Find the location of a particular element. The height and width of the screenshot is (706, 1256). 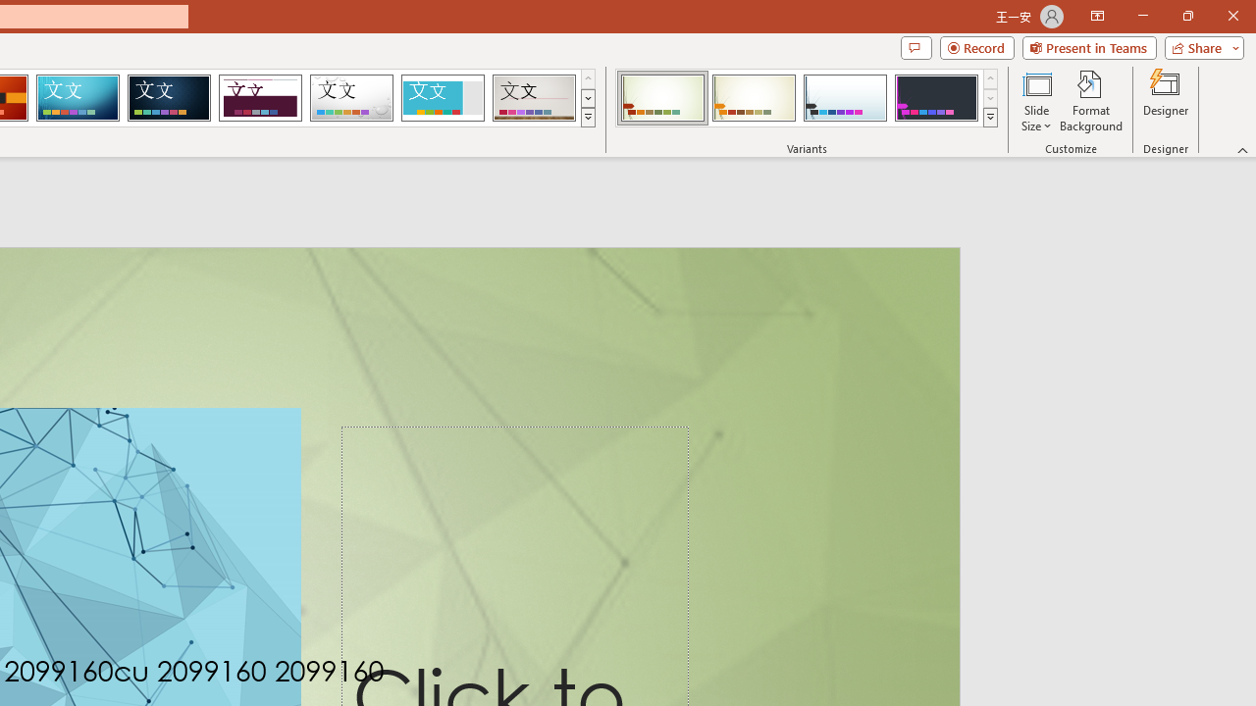

'Slide Size' is located at coordinates (1035, 101).